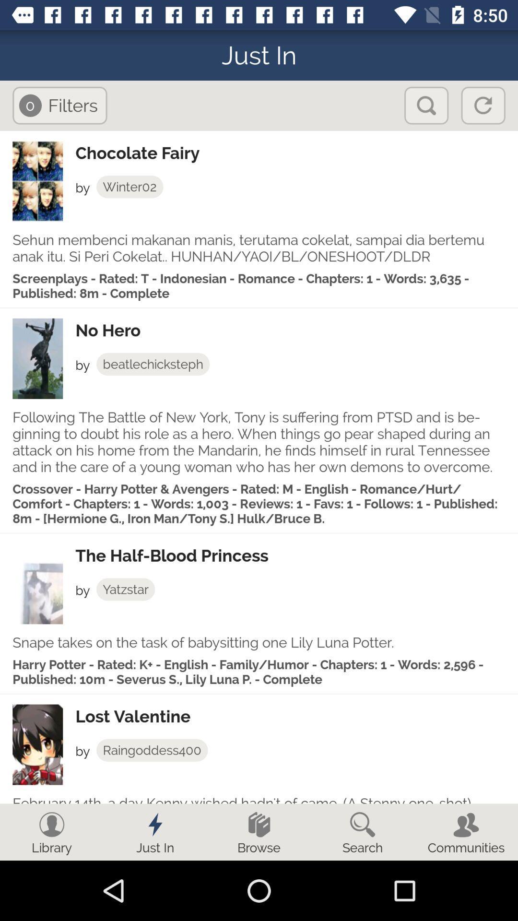 The image size is (518, 921). Describe the element at coordinates (296, 716) in the screenshot. I see `the icon above the by app` at that location.